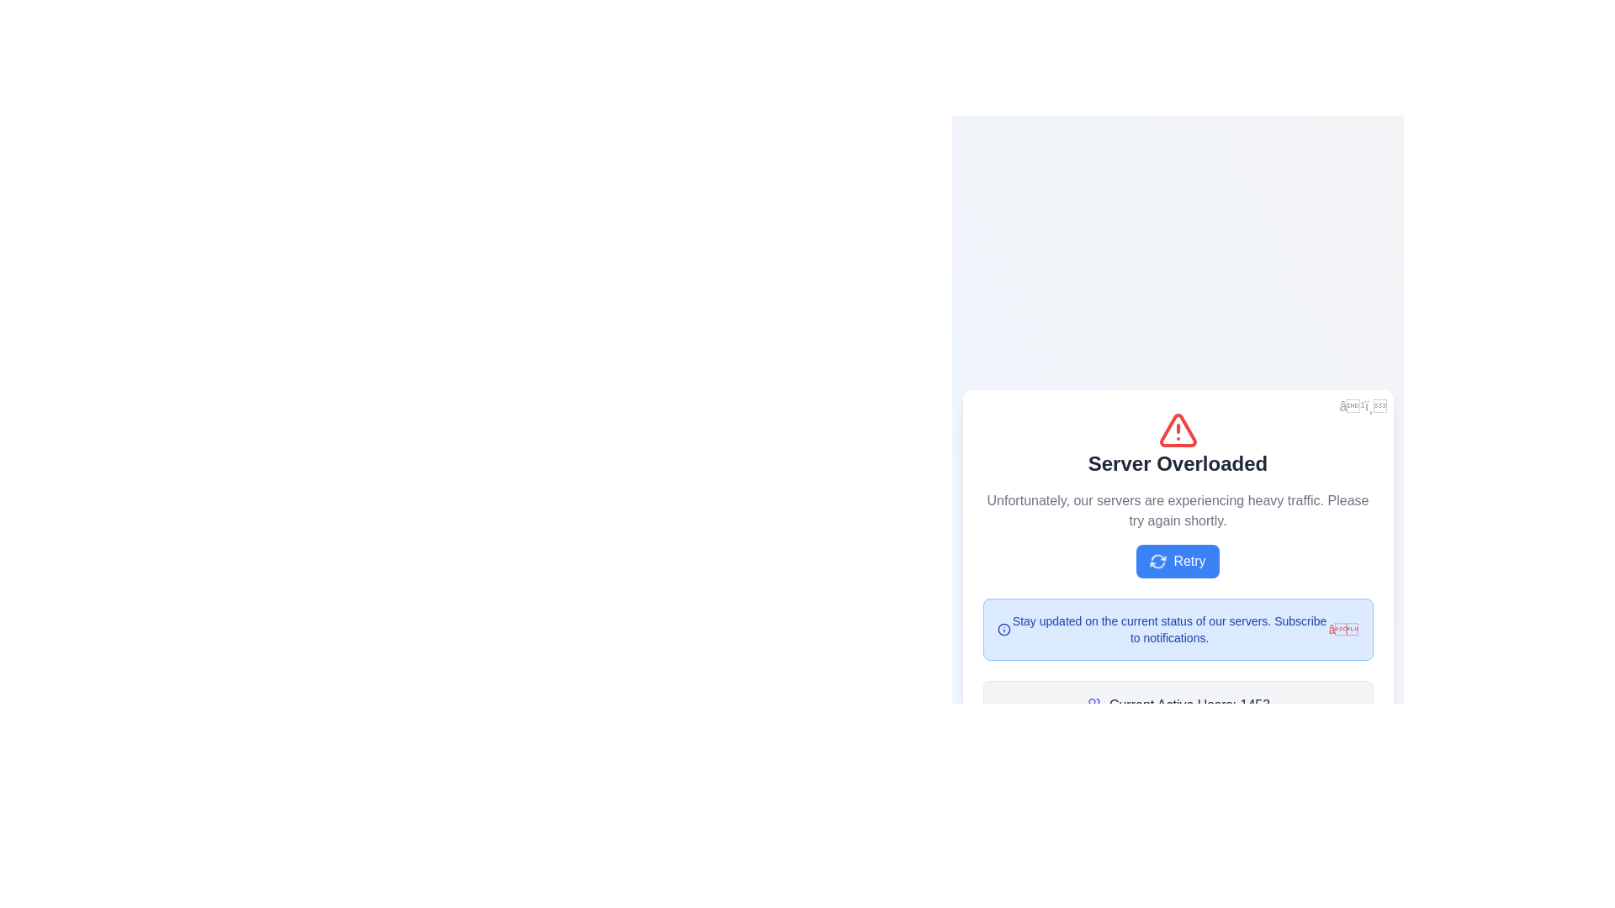 This screenshot has height=908, width=1615. Describe the element at coordinates (1189, 705) in the screenshot. I see `the text label displaying 'Current Active Users: 1453', which is bold and dark-gray on a light background, located at the bottom of the interface` at that location.